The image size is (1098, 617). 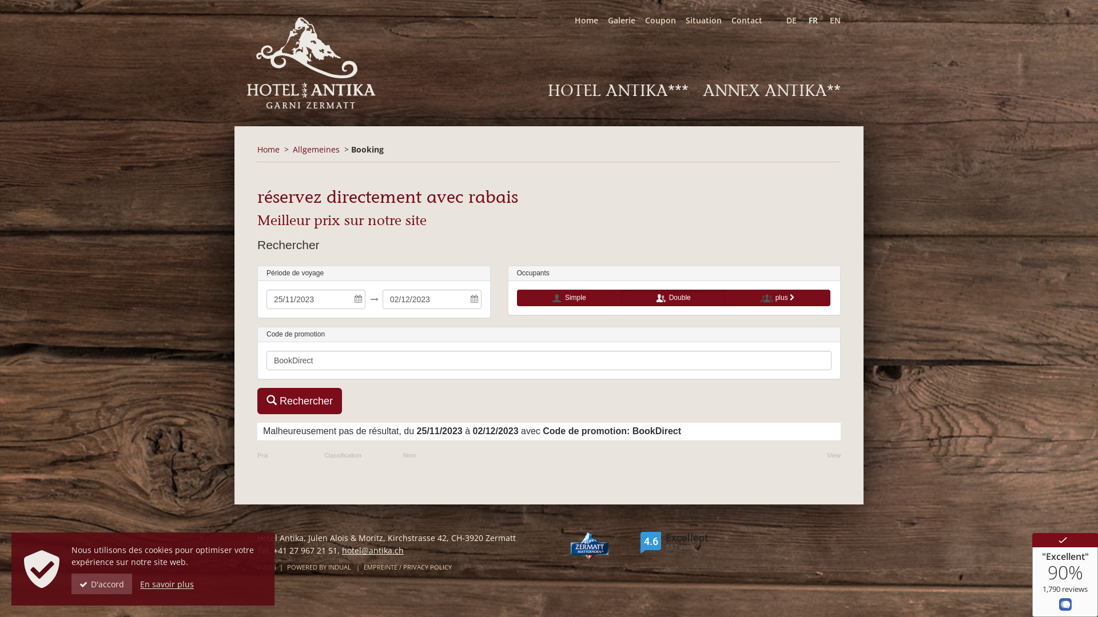 I want to click on 'Home', so click(x=565, y=20).